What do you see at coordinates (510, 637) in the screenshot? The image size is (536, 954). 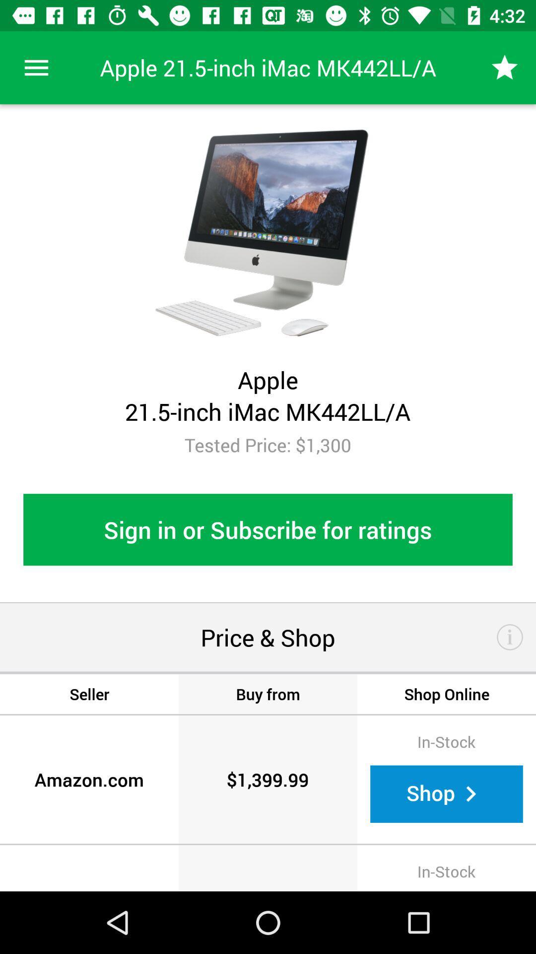 I see `details on item` at bounding box center [510, 637].